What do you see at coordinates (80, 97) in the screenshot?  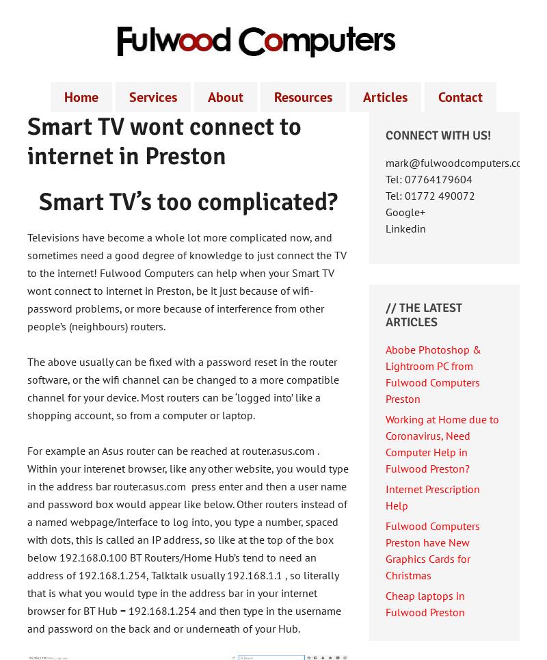 I see `'Home'` at bounding box center [80, 97].